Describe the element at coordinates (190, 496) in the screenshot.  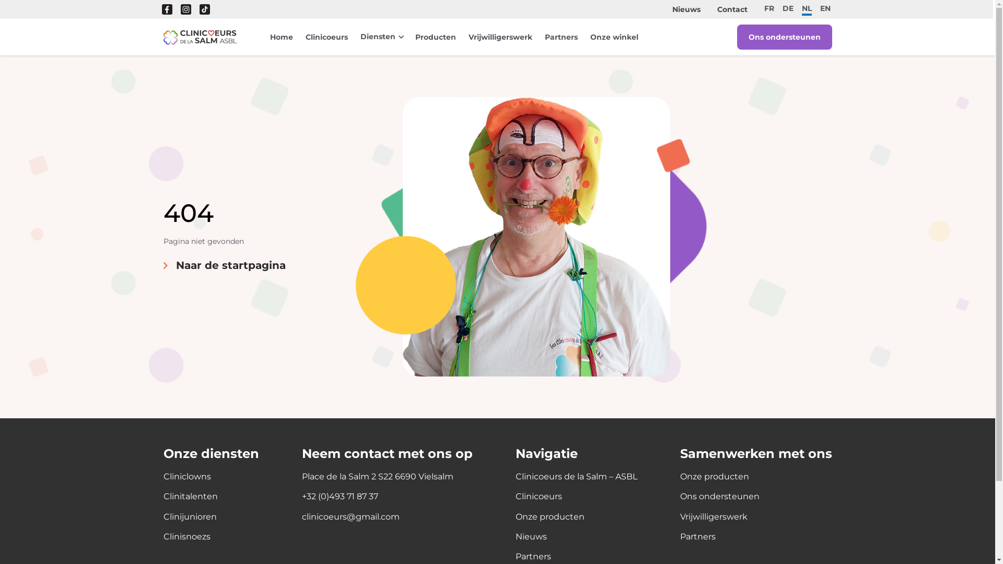
I see `'Clinitalenten'` at that location.